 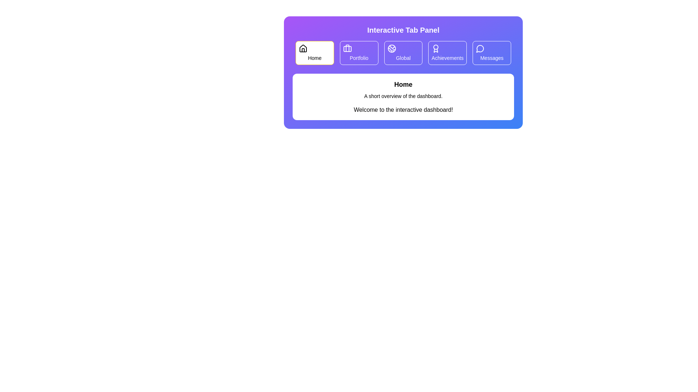 I want to click on the 'Portfolio' label located on the second button from the left in the horizontal navigation bar, which is identified by the briefcase icon above it, so click(x=359, y=57).